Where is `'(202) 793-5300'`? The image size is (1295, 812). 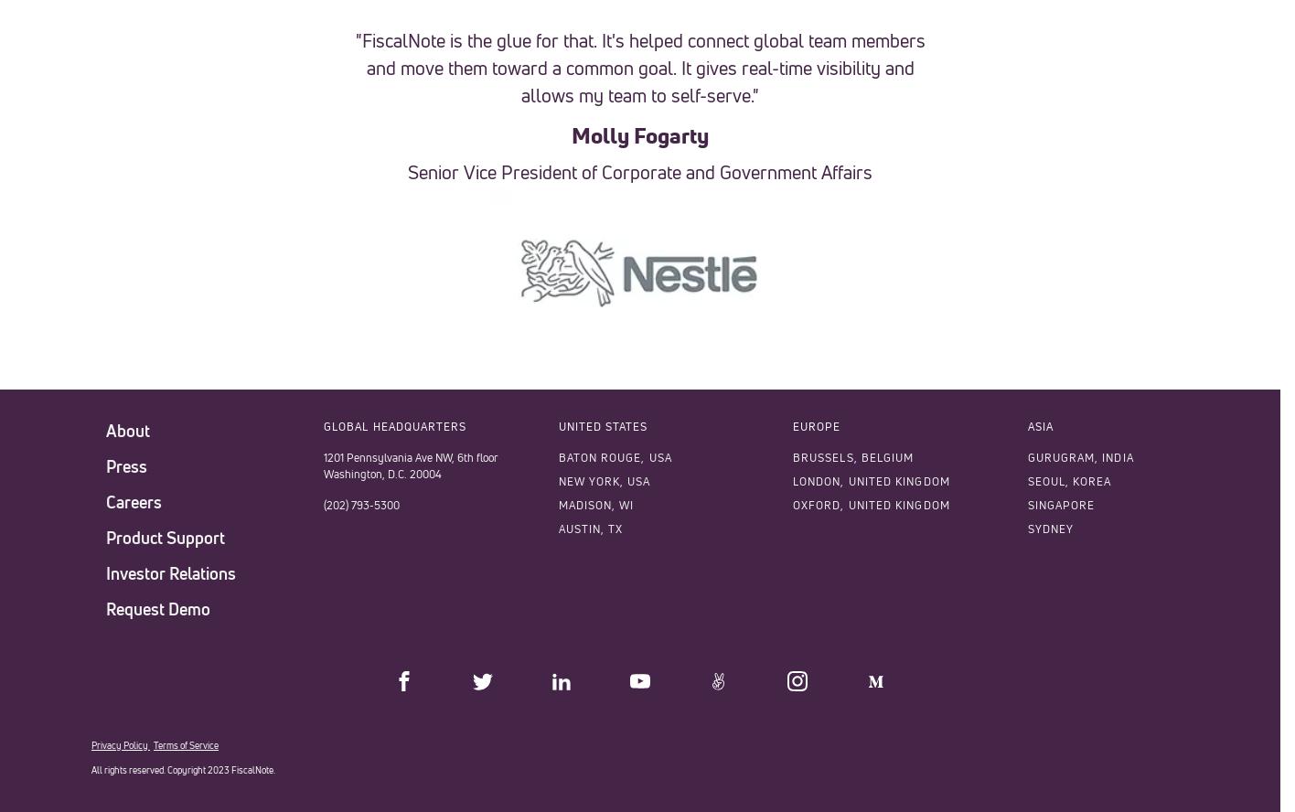 '(202) 793-5300' is located at coordinates (361, 503).